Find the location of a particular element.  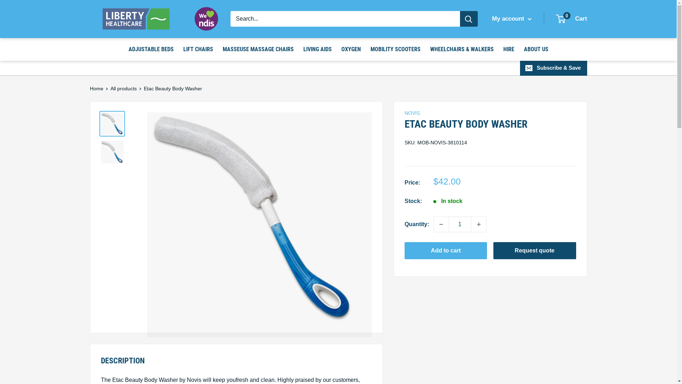

'My account' is located at coordinates (491, 18).